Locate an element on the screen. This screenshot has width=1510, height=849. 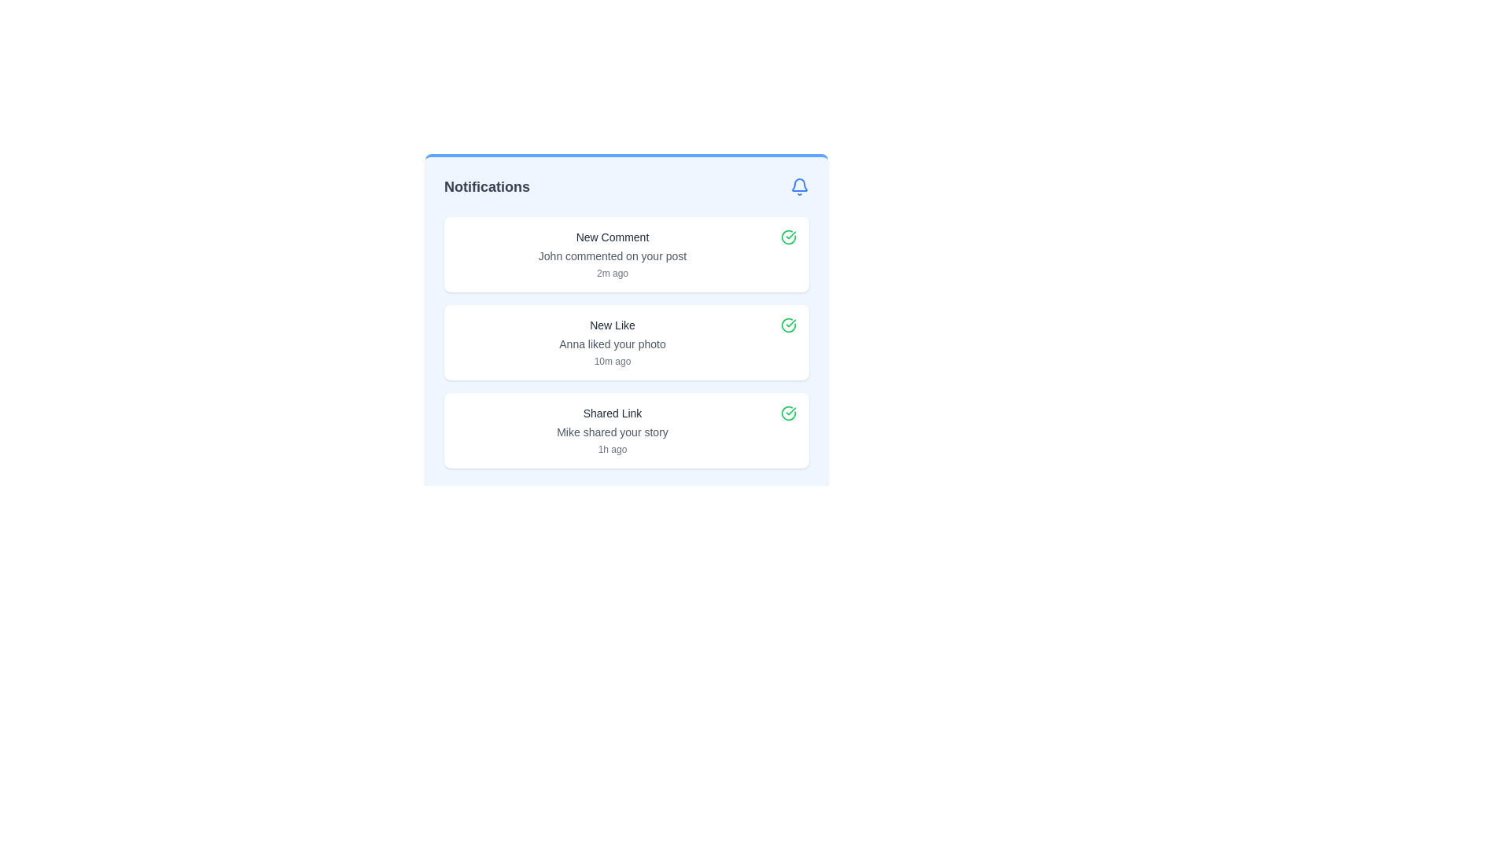
the notification item titled 'Shared Link' that informs about an action performed by 'Mike' 1 hour ago is located at coordinates (611, 430).